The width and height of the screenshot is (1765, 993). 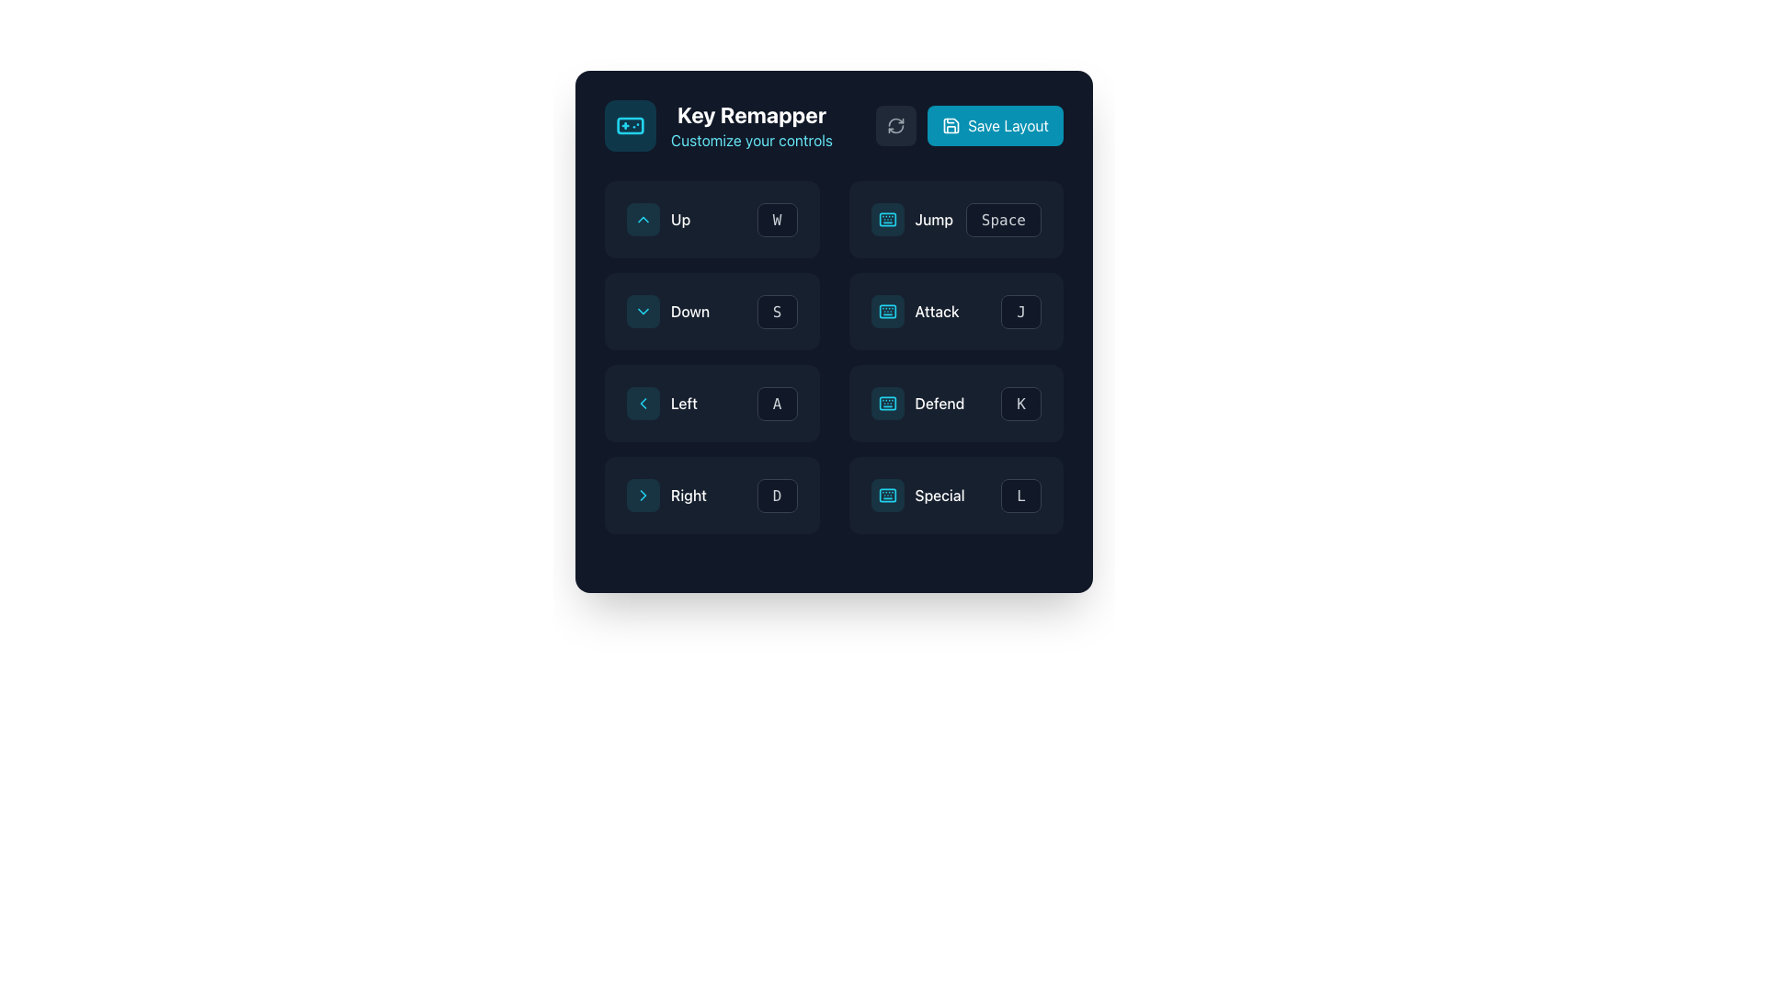 I want to click on text of the Header element that includes a cyan gamepad icon and the texts 'Key Remapper' and 'Customize your controls', so click(x=718, y=125).